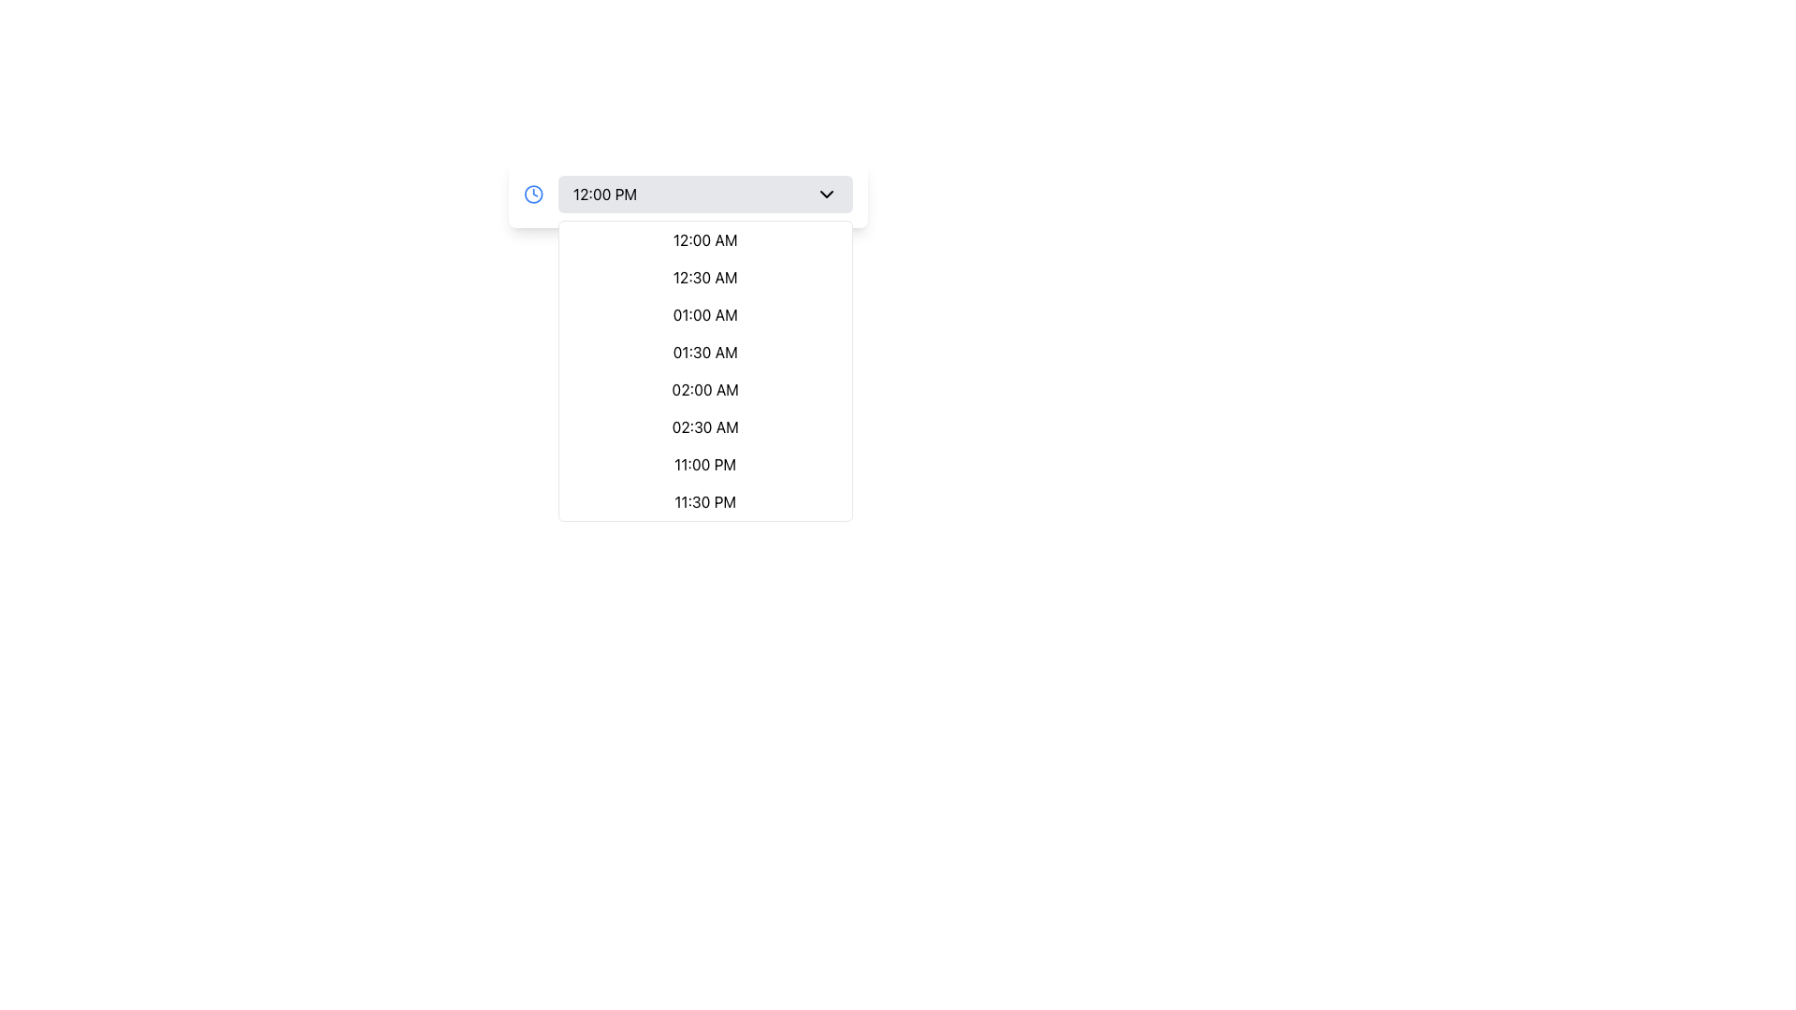 The image size is (1796, 1010). What do you see at coordinates (704, 353) in the screenshot?
I see `the fourth option in the dropdown menu` at bounding box center [704, 353].